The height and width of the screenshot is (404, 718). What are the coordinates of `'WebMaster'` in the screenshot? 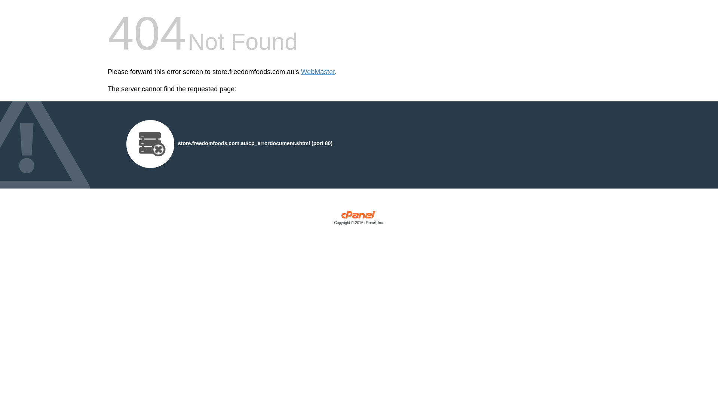 It's located at (301, 72).